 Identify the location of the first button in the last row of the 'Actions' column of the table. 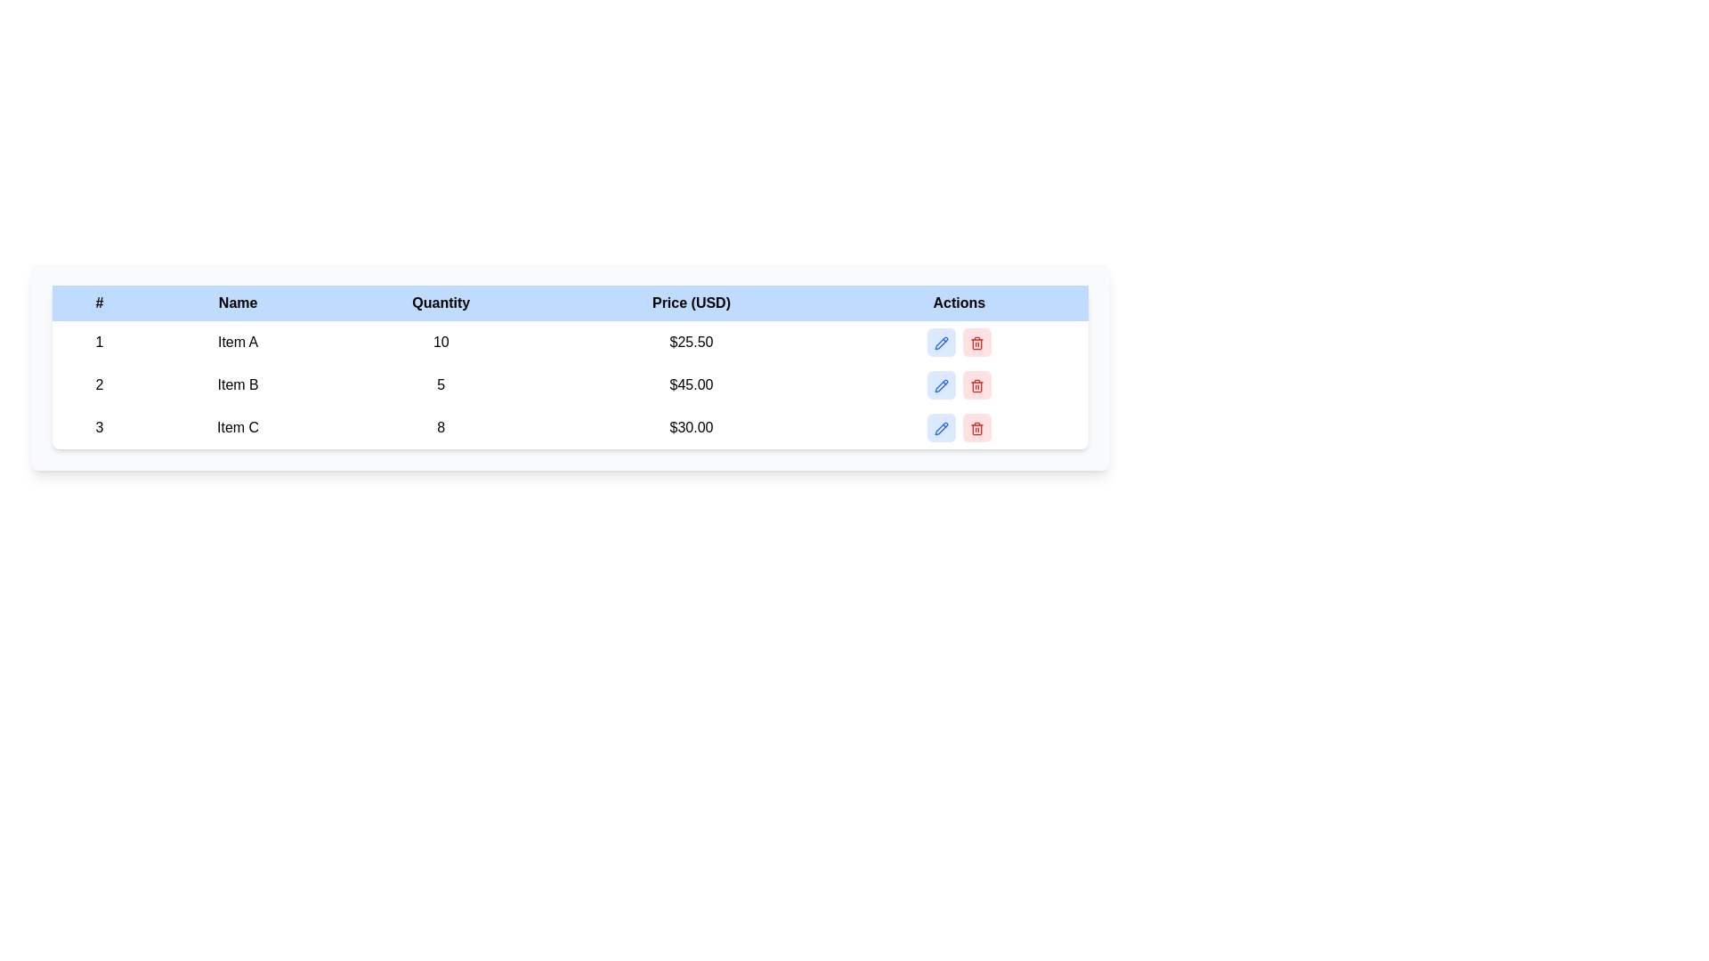
(940, 428).